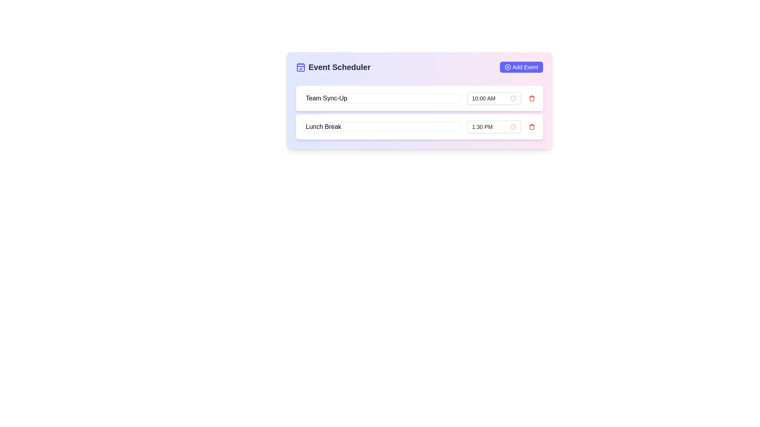 The width and height of the screenshot is (760, 427). I want to click on the Delete Button located at the far right of the first row in the vertical list of event entries, so click(532, 98).